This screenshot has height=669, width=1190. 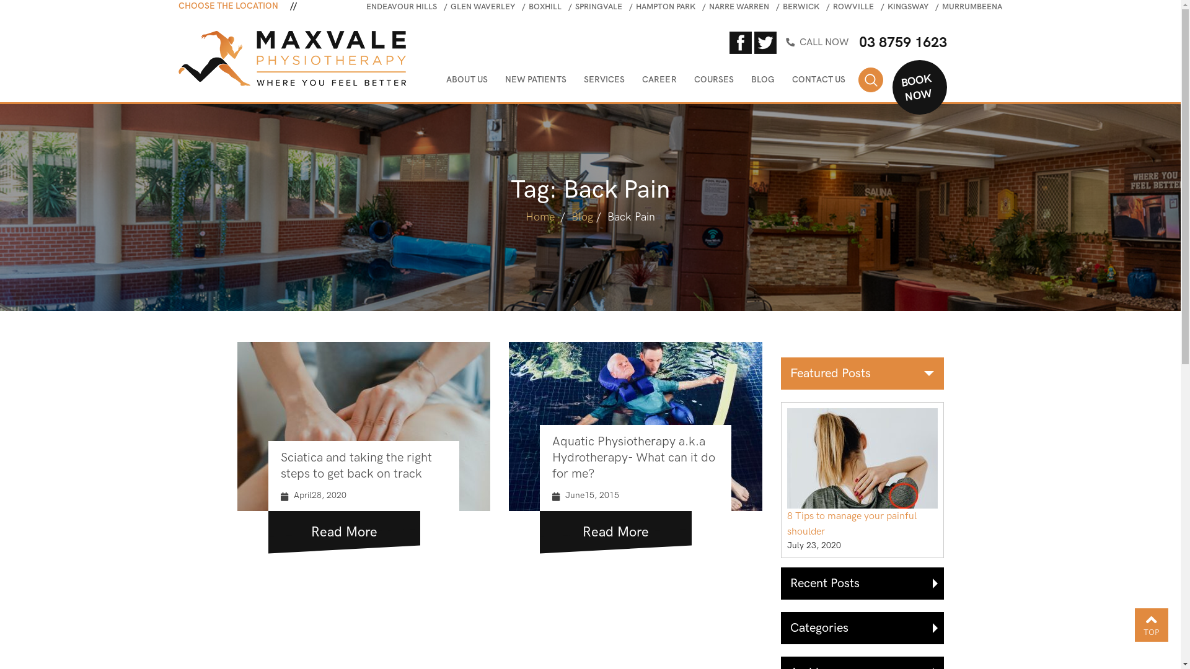 I want to click on 'Featured Posts', so click(x=862, y=372).